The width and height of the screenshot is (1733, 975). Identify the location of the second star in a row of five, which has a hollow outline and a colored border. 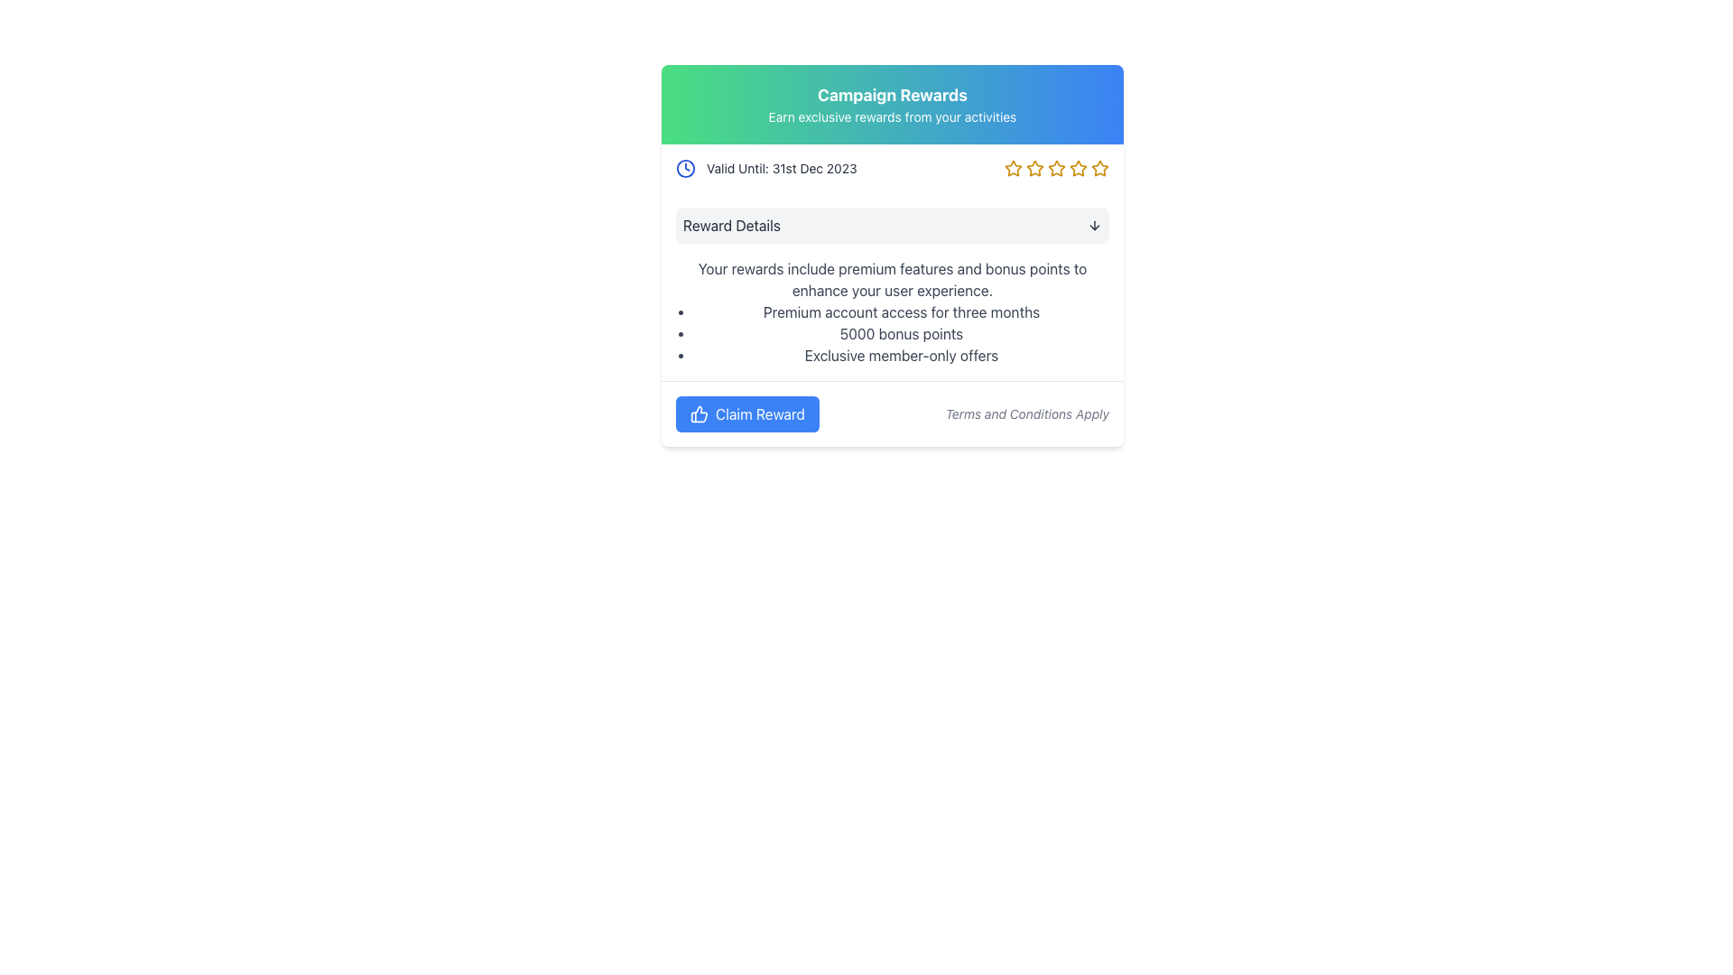
(1035, 168).